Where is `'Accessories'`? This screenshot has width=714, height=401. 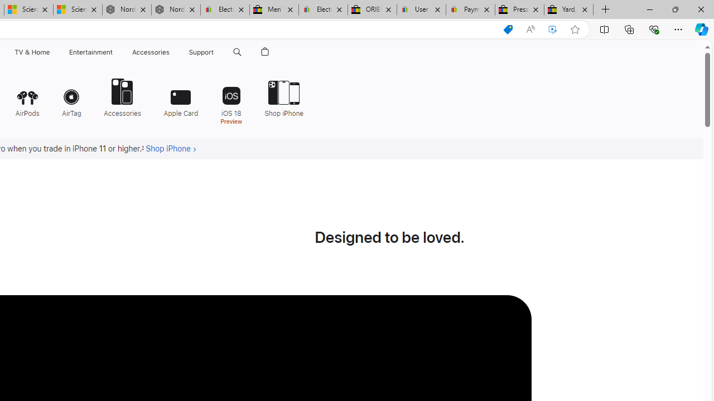 'Accessories' is located at coordinates (122, 96).